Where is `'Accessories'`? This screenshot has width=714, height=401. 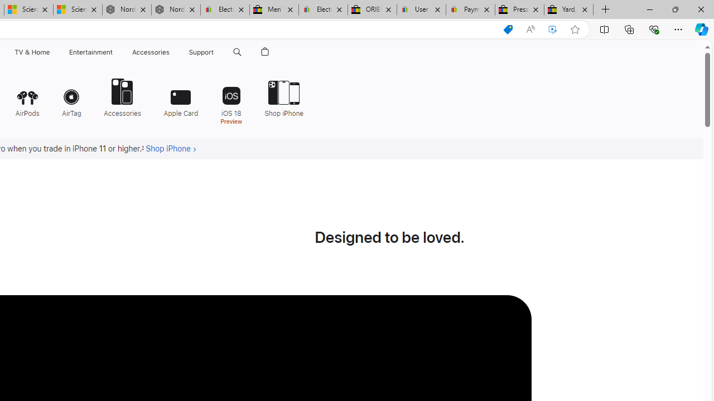 'Accessories' is located at coordinates (122, 96).